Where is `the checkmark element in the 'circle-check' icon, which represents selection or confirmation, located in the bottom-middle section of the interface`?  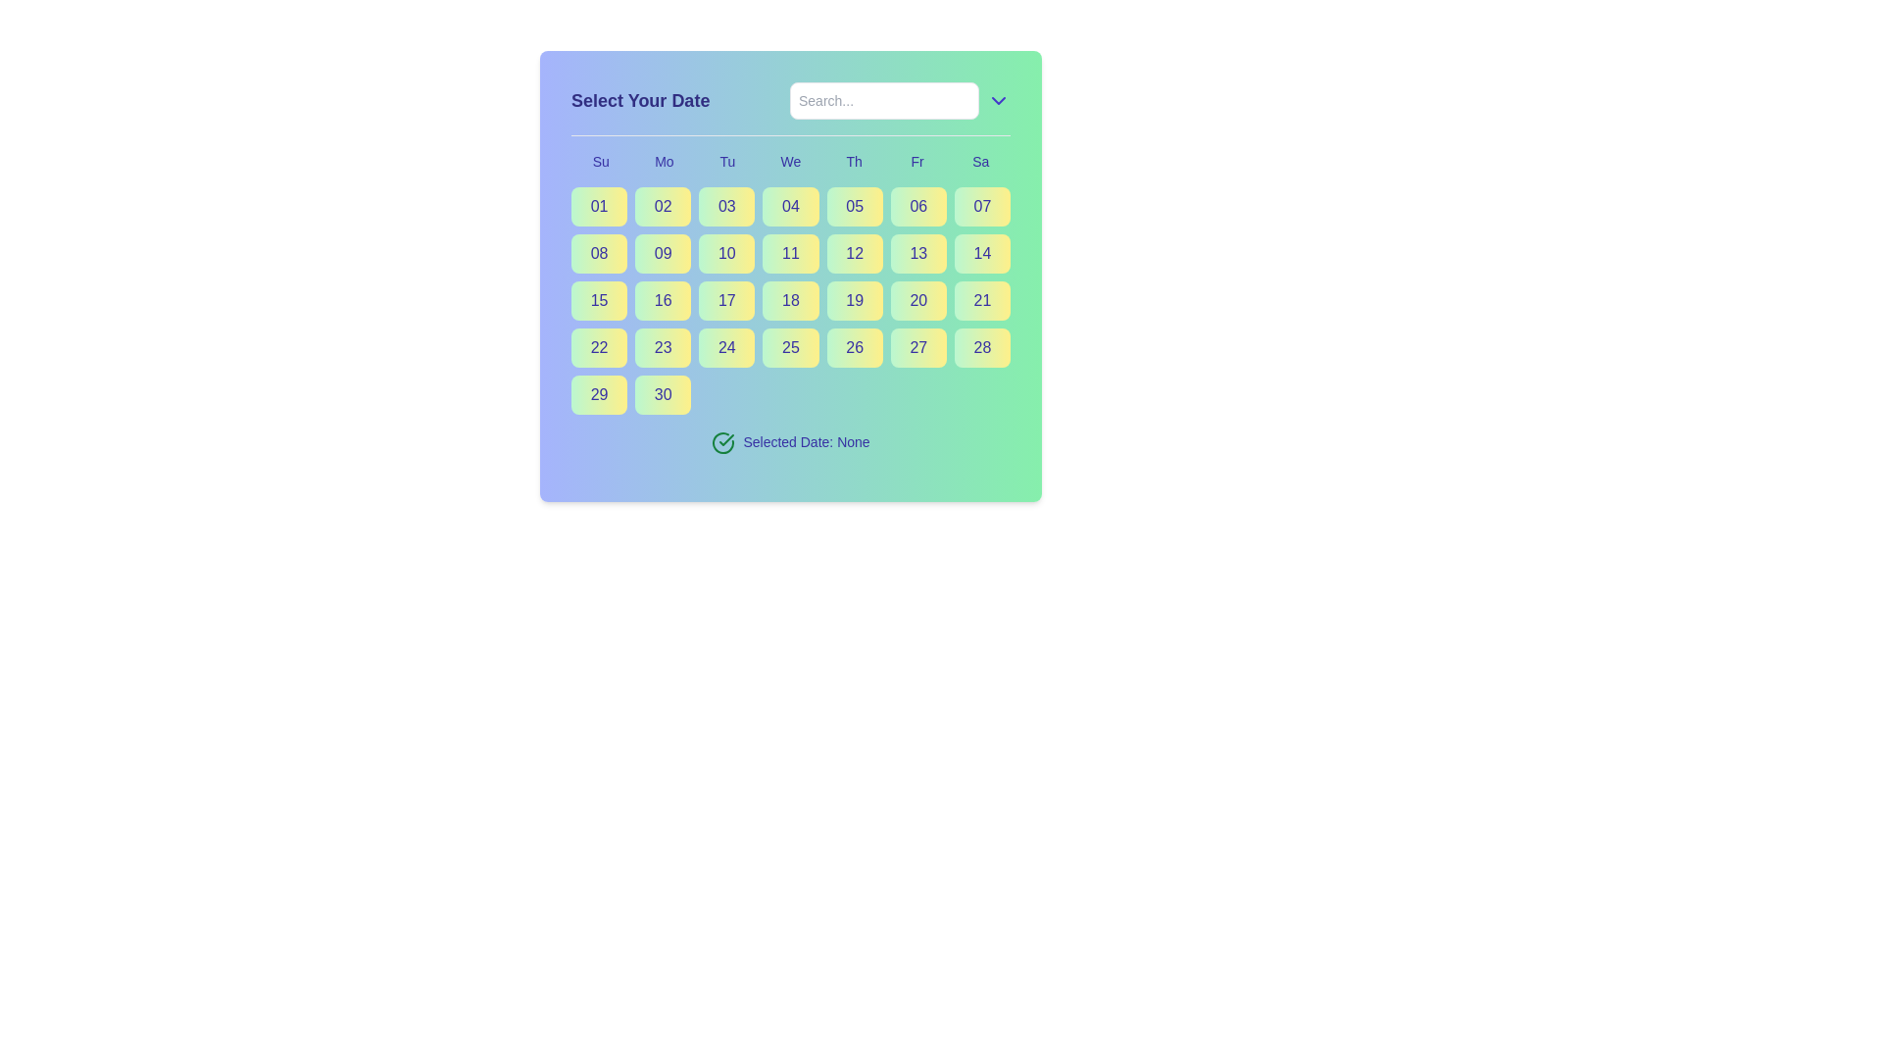
the checkmark element in the 'circle-check' icon, which represents selection or confirmation, located in the bottom-middle section of the interface is located at coordinates (725, 438).